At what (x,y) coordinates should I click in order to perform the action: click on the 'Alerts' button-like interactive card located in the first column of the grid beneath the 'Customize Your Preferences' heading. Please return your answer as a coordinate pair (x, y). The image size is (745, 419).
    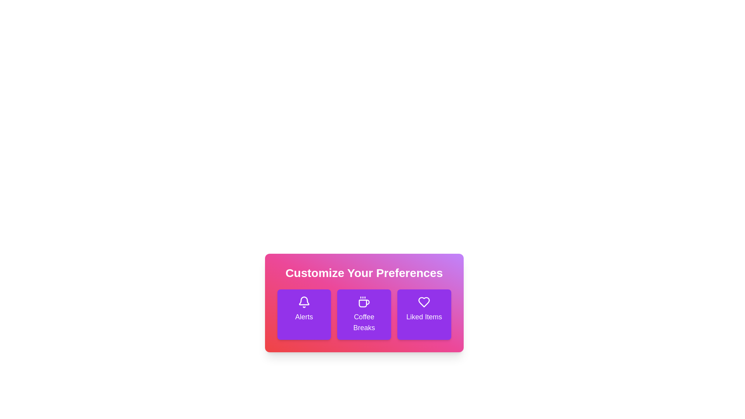
    Looking at the image, I should click on (303, 314).